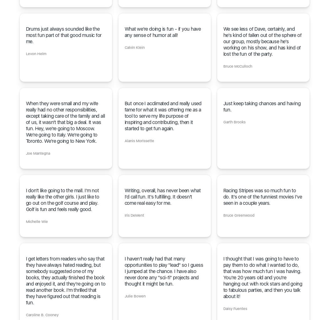  I want to click on 'Caroline B. Cooney', so click(26, 315).